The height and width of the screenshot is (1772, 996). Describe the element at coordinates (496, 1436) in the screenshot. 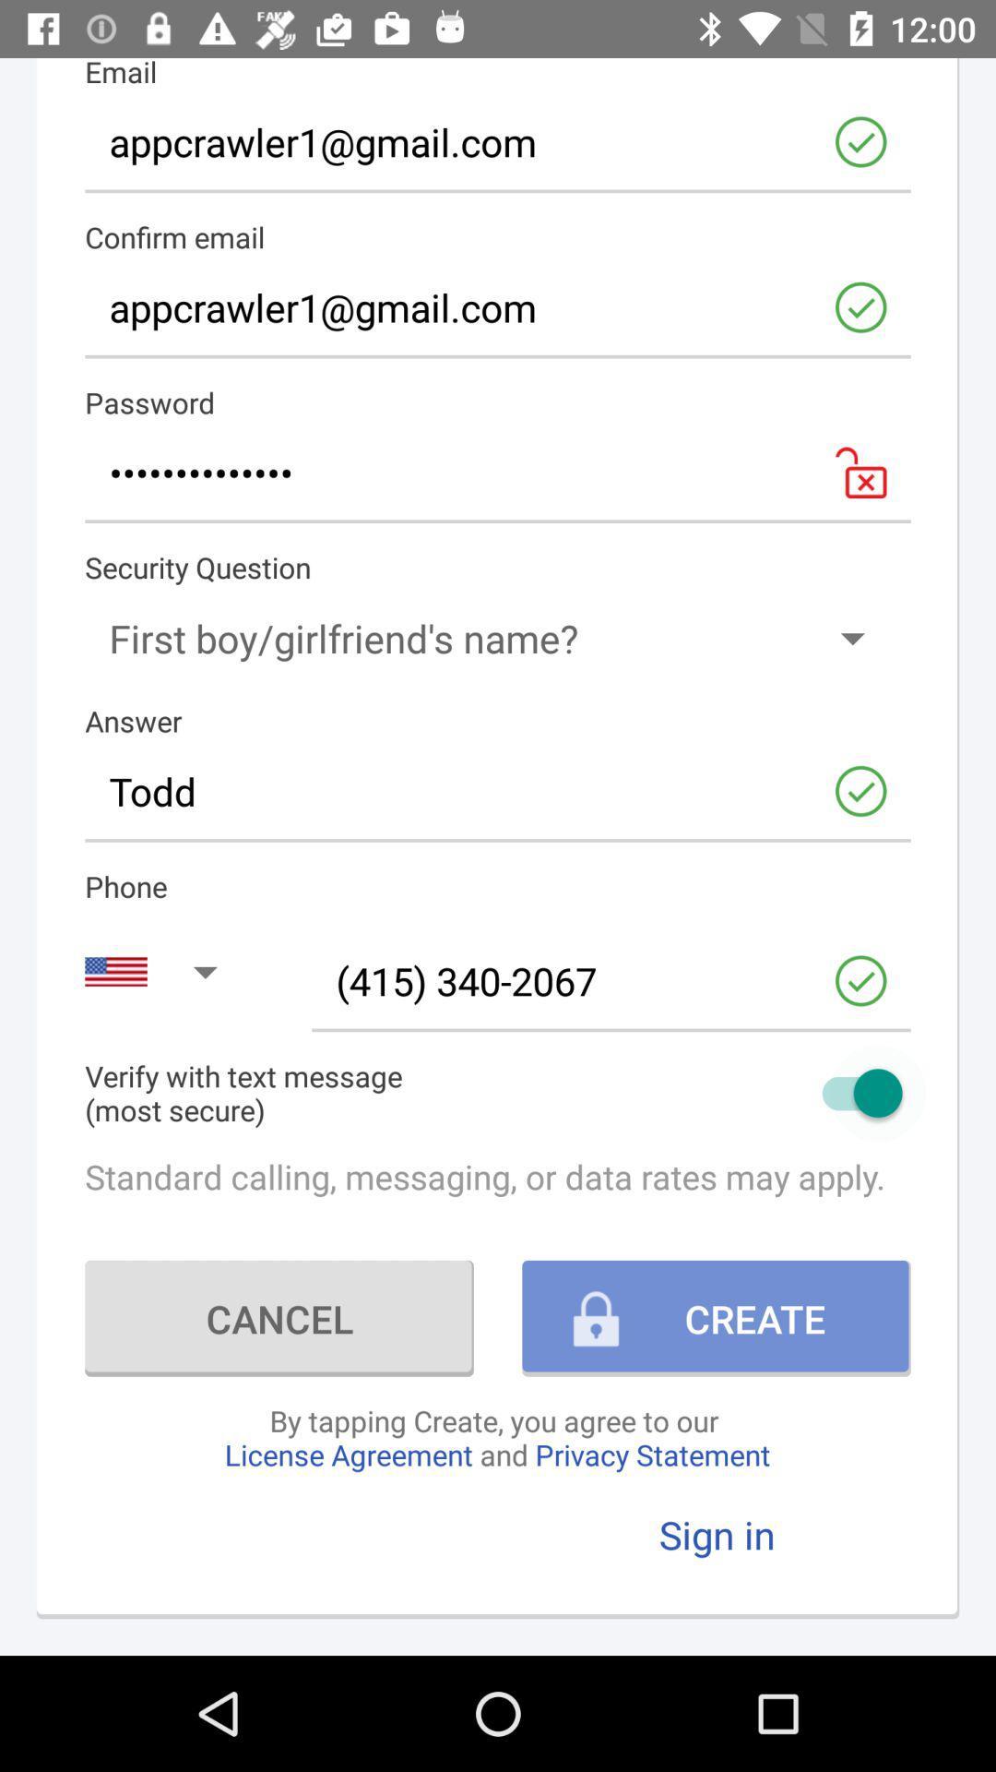

I see `the icon above the sign in icon` at that location.